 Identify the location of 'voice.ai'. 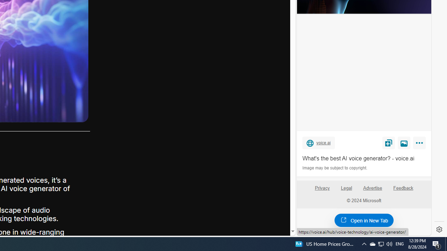
(318, 142).